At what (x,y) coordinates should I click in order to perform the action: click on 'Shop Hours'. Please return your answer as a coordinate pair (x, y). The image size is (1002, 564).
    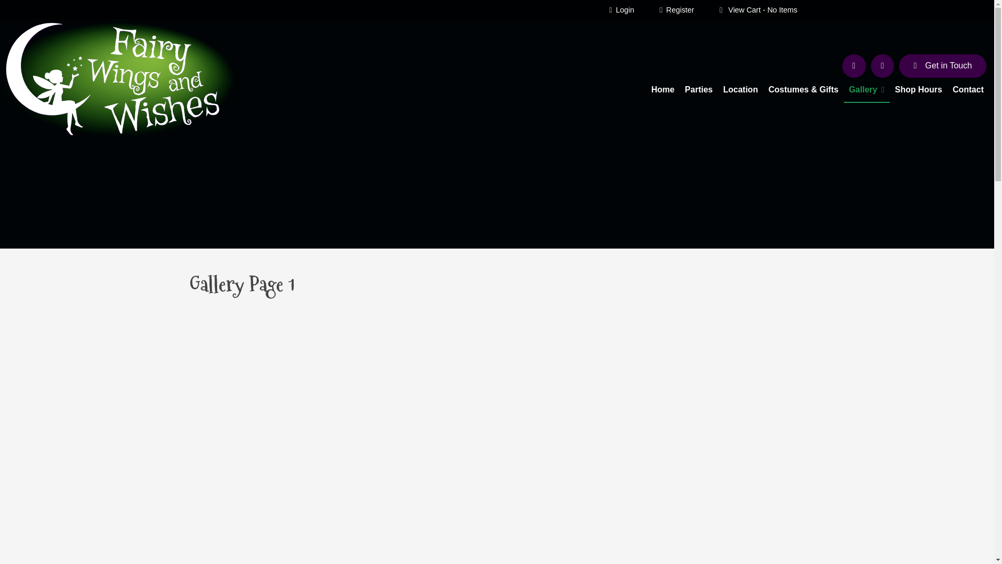
    Looking at the image, I should click on (918, 90).